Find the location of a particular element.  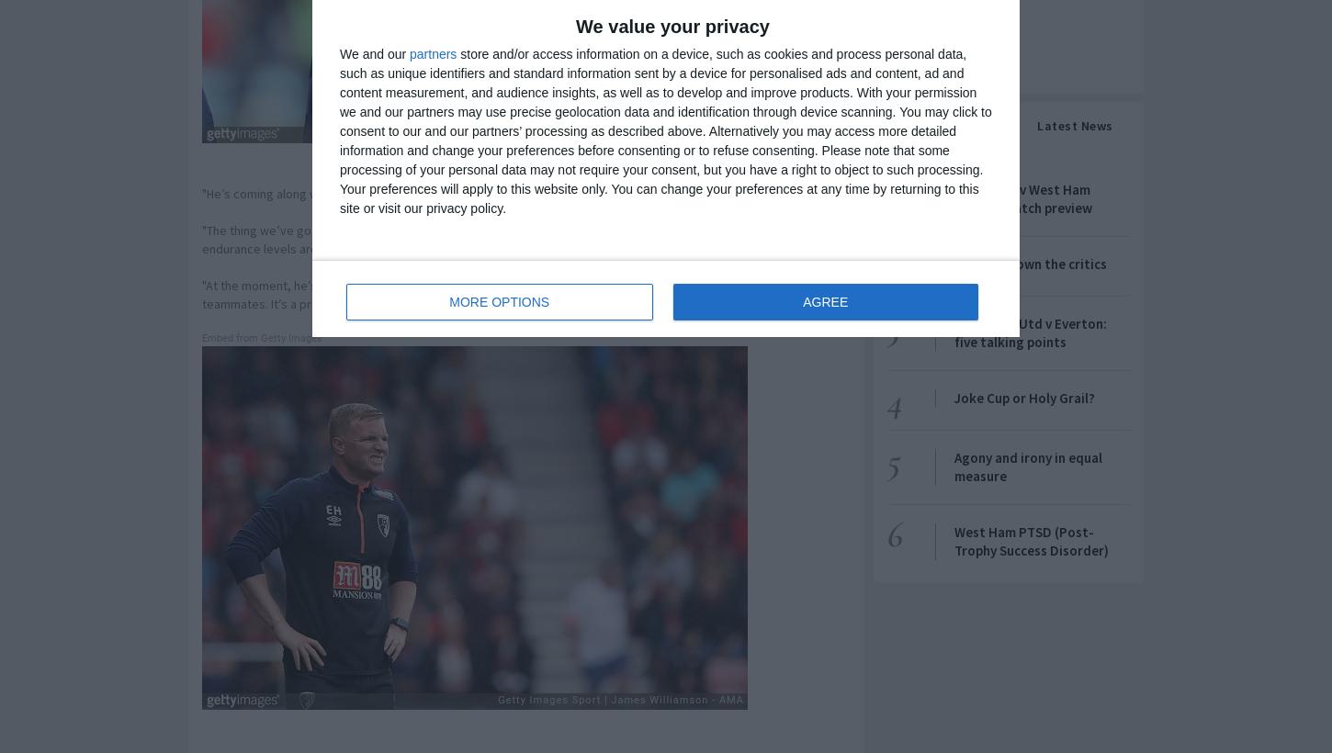

'West Ham Utd v Everton: five talking points' is located at coordinates (1030, 332).